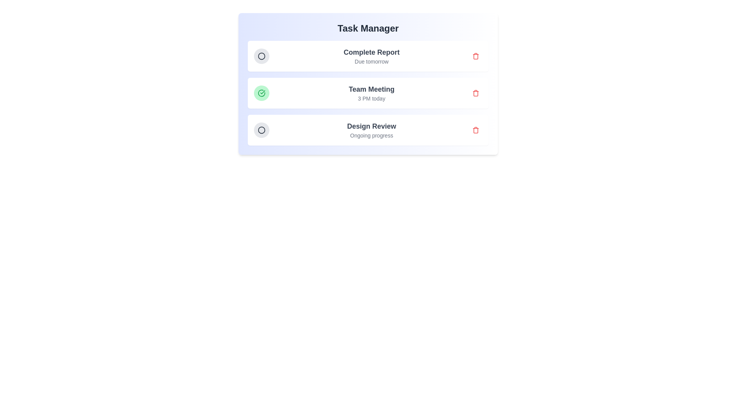 The image size is (741, 416). What do you see at coordinates (475, 93) in the screenshot?
I see `the red trash icon button located at the far right of the 'Team Meeting' card, which is aligned with the text '3 PM today'` at bounding box center [475, 93].